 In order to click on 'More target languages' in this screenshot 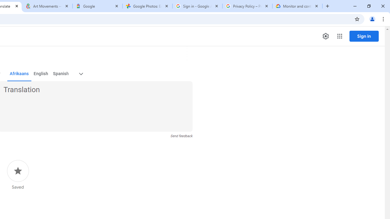, I will do `click(80, 74)`.